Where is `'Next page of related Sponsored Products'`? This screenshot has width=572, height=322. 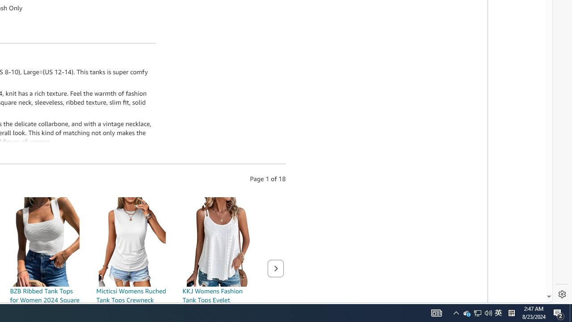
'Next page of related Sponsored Products' is located at coordinates (275, 268).